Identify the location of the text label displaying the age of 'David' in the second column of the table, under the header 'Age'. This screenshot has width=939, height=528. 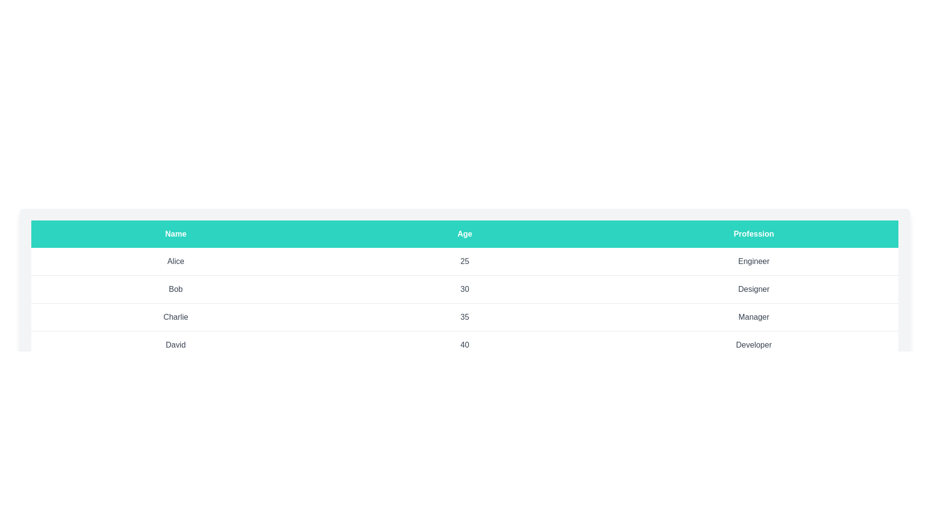
(464, 344).